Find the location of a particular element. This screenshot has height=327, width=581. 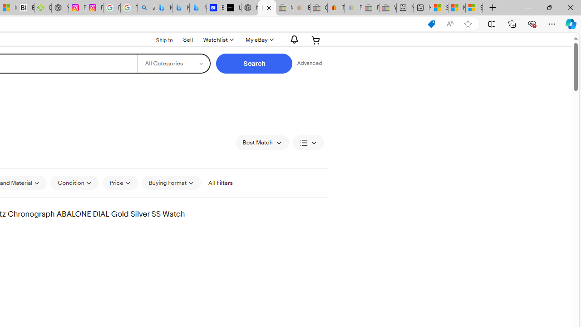

'Yard, Garden & Outdoor Living - Sleeping' is located at coordinates (388, 8).